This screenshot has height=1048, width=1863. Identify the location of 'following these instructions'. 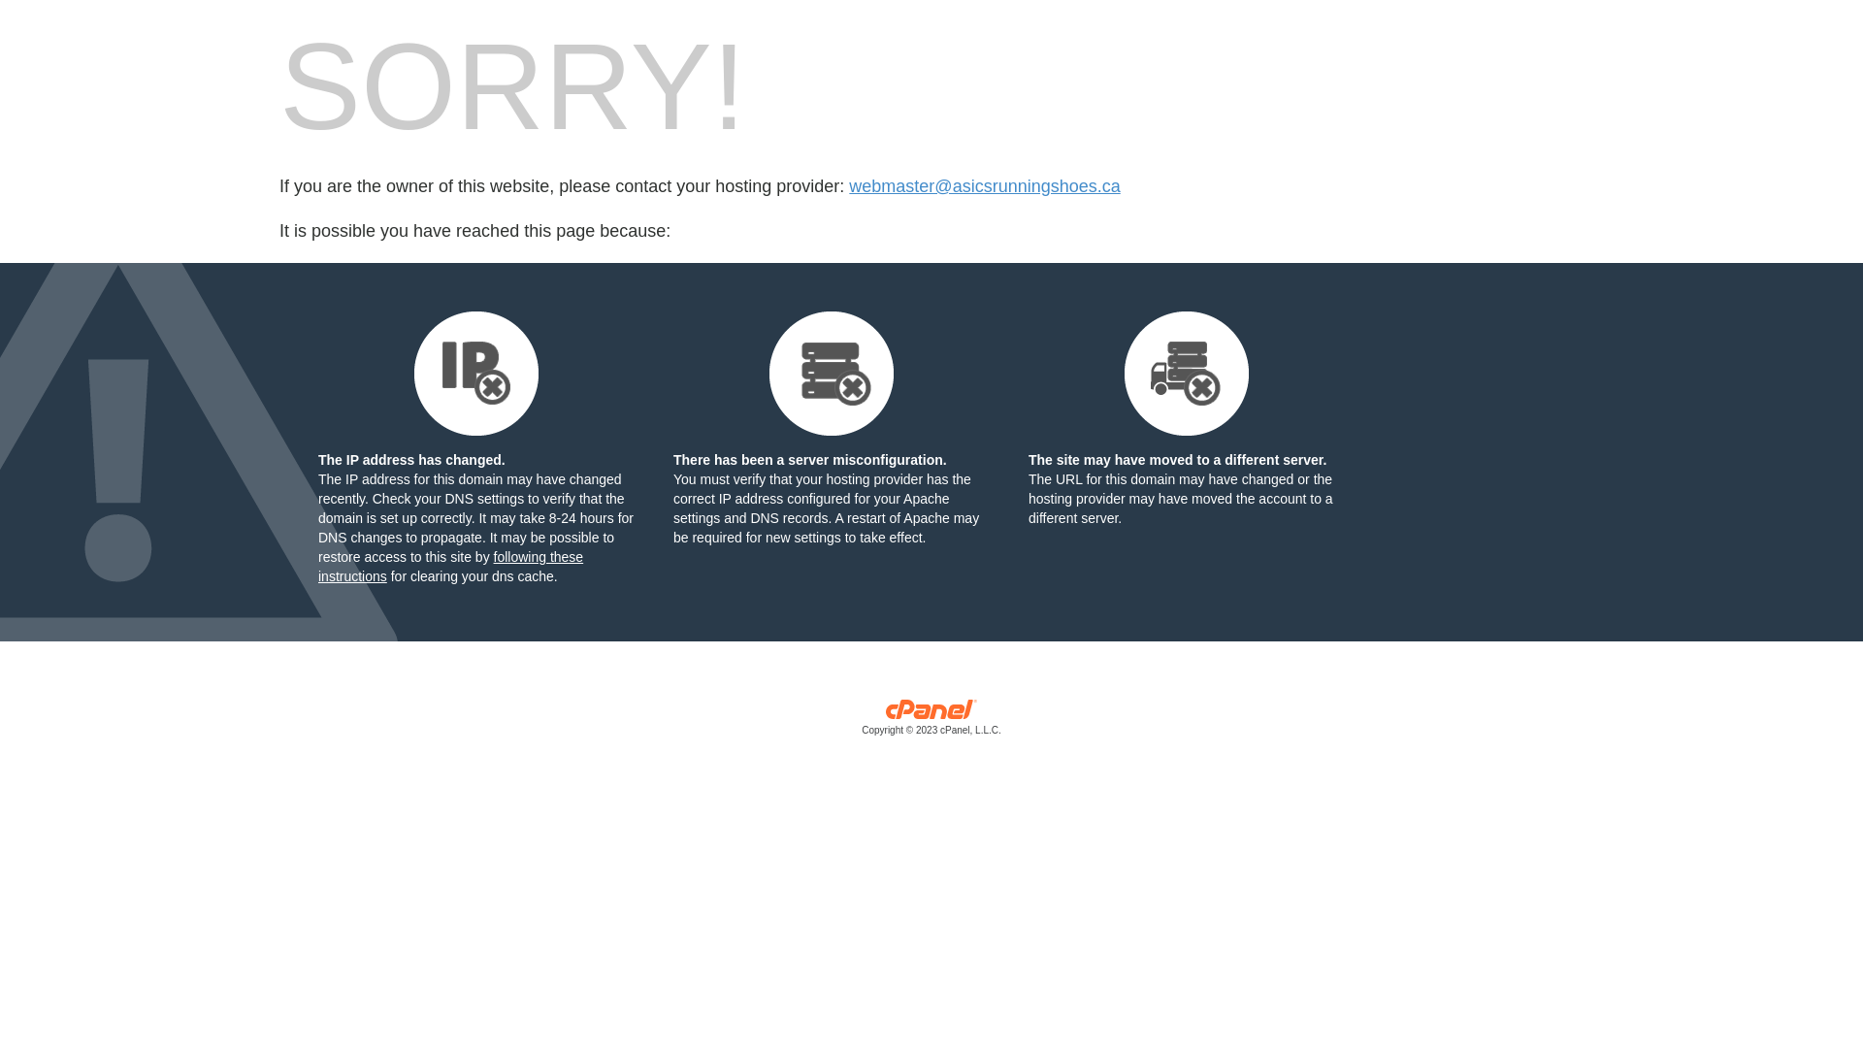
(449, 566).